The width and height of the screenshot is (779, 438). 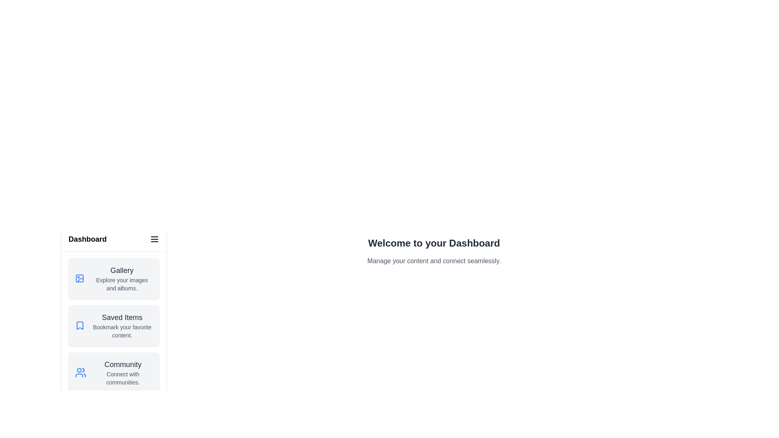 What do you see at coordinates (114, 372) in the screenshot?
I see `the section Community in the drawer` at bounding box center [114, 372].